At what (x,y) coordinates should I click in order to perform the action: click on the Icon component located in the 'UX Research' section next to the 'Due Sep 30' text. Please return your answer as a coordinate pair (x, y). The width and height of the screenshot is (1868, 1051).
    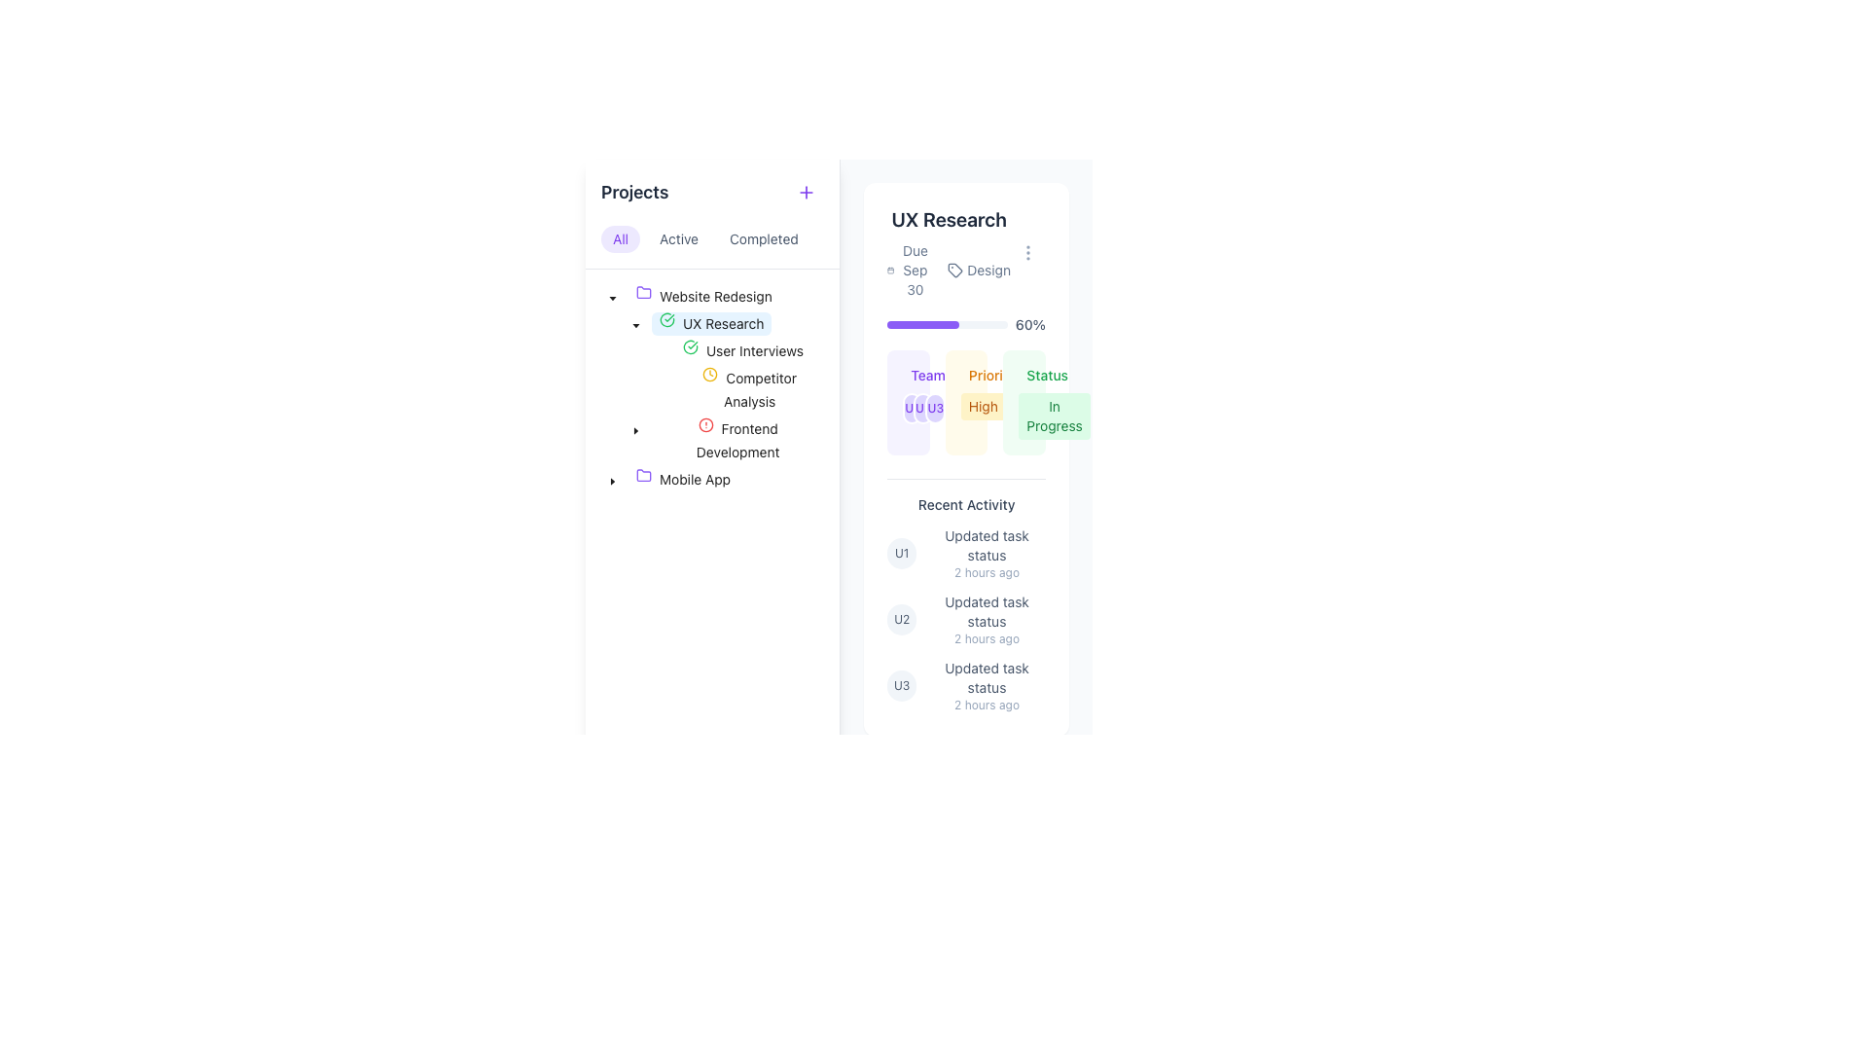
    Looking at the image, I should click on (955, 270).